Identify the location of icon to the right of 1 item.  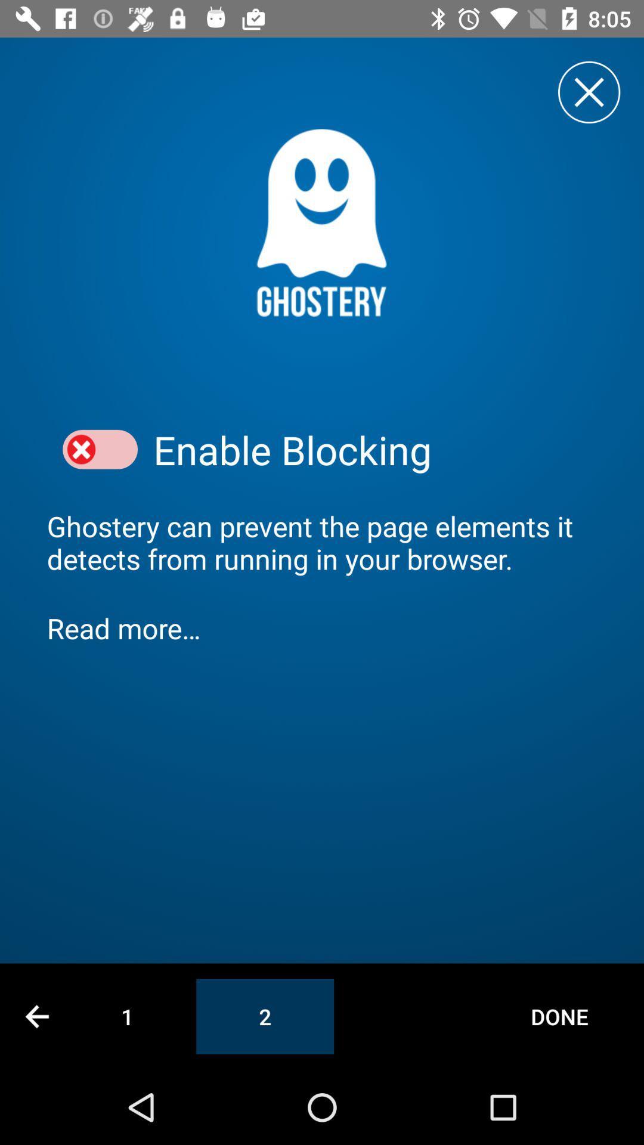
(264, 1016).